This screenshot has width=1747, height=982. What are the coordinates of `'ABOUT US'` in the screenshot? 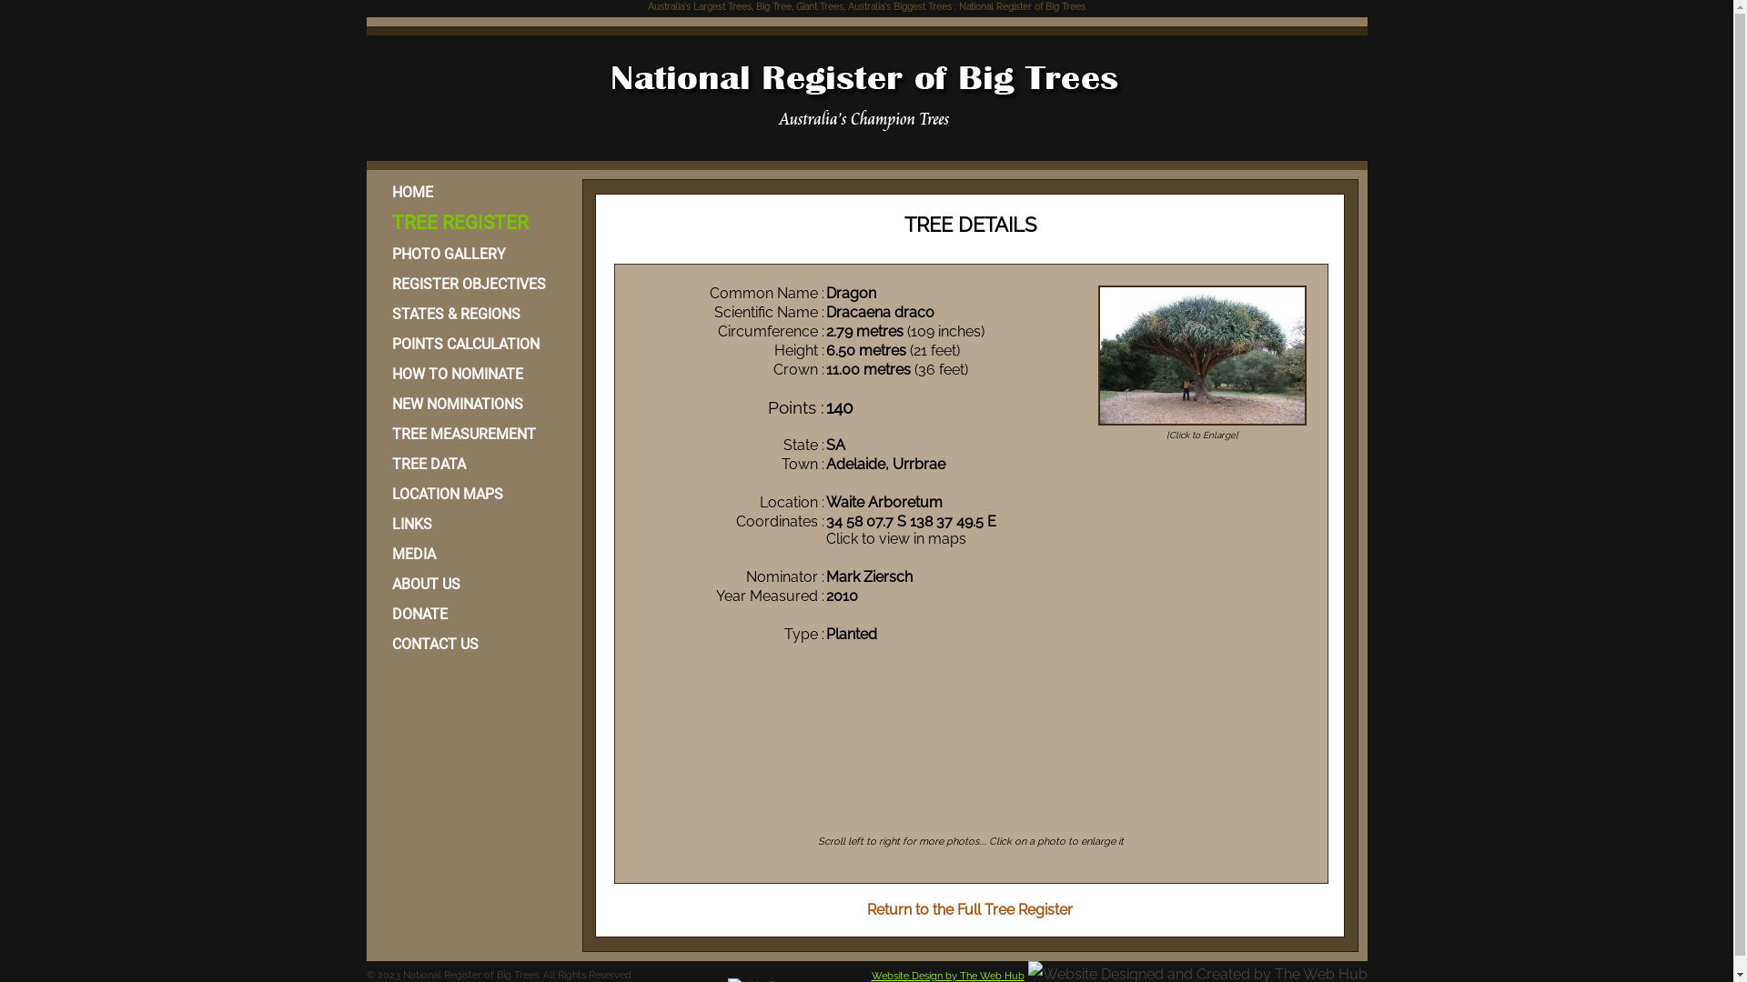 It's located at (471, 584).